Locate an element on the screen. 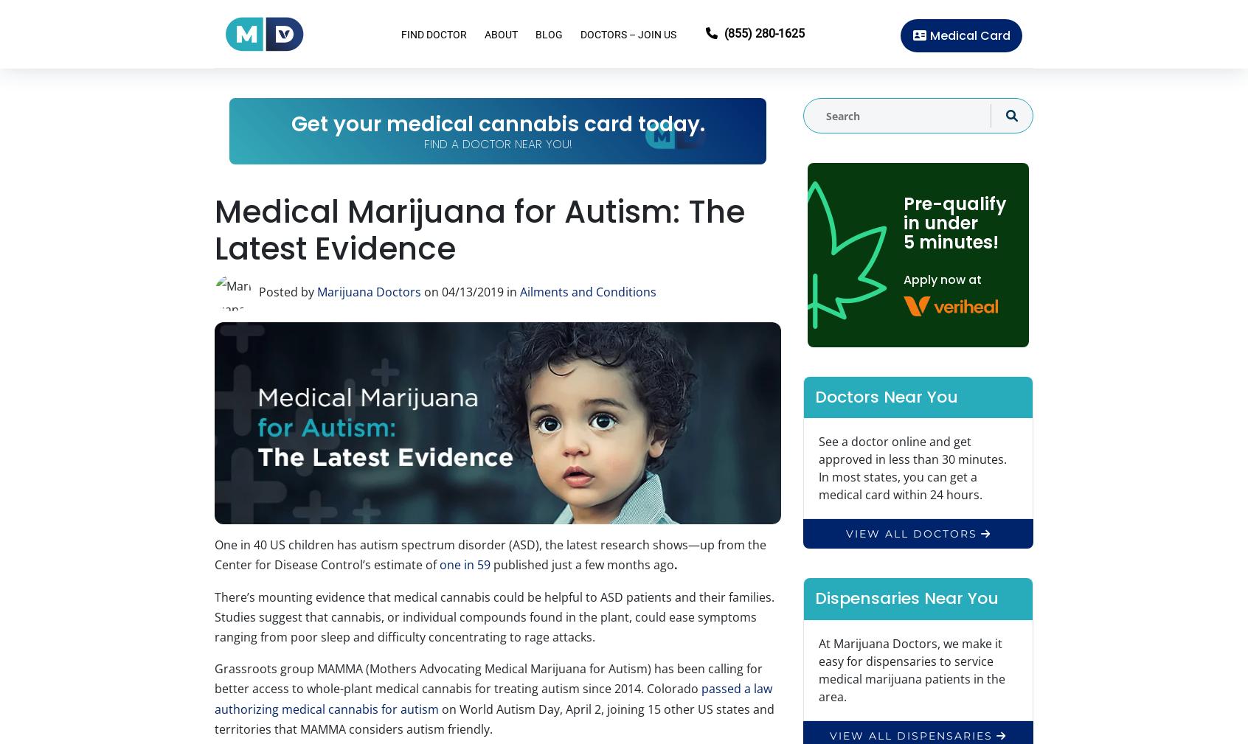  'autism friendly' is located at coordinates (447, 729).